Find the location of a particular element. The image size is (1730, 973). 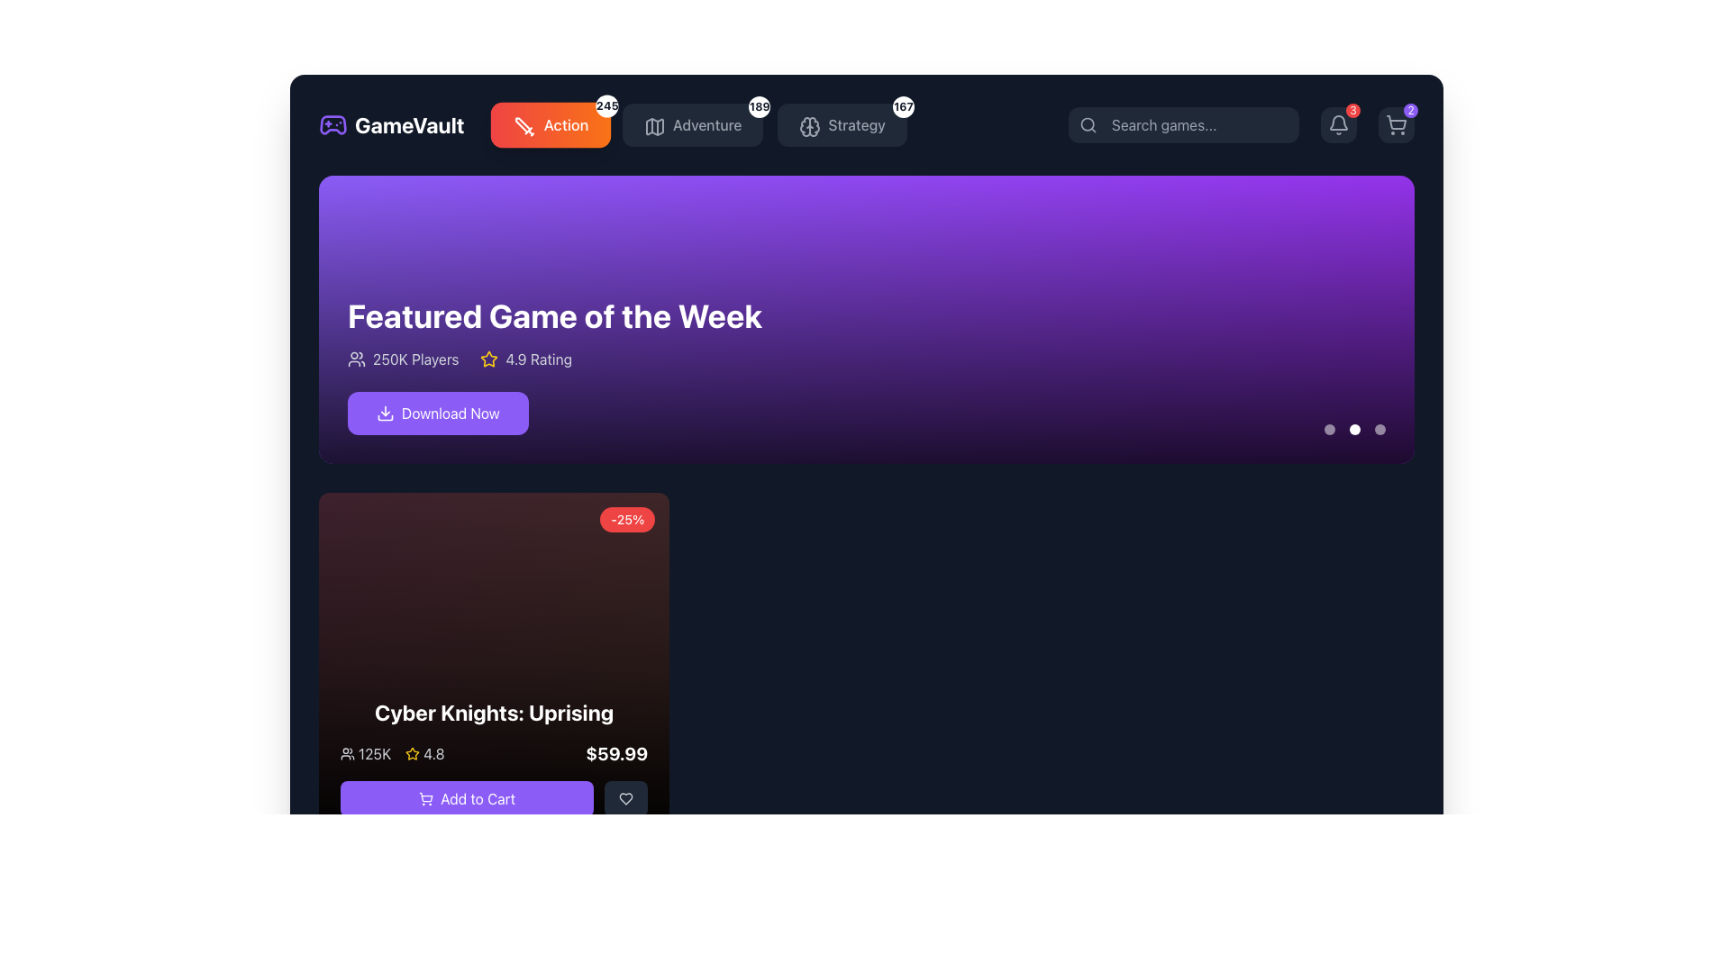

the small square-shaped map icon is located at coordinates (651, 123).